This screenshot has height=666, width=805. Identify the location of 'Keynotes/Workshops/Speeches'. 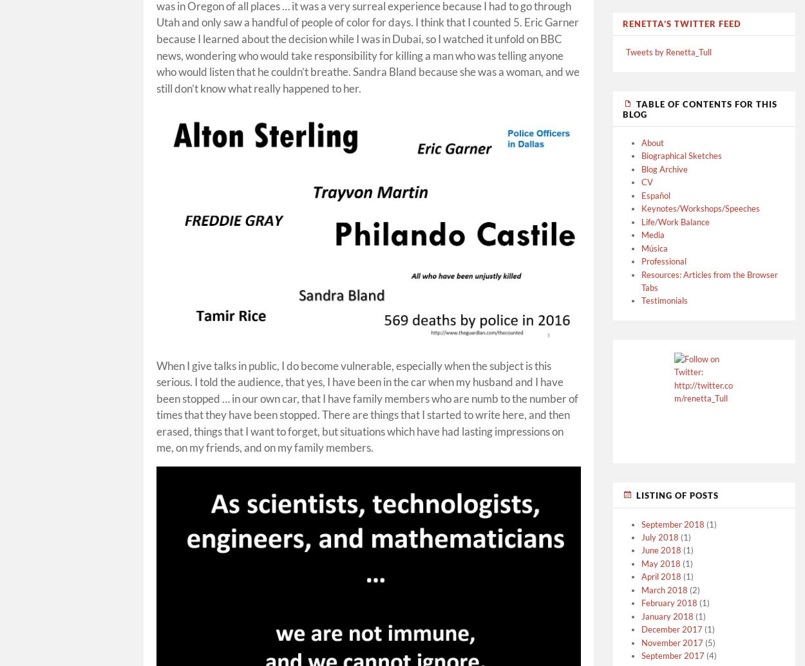
(700, 208).